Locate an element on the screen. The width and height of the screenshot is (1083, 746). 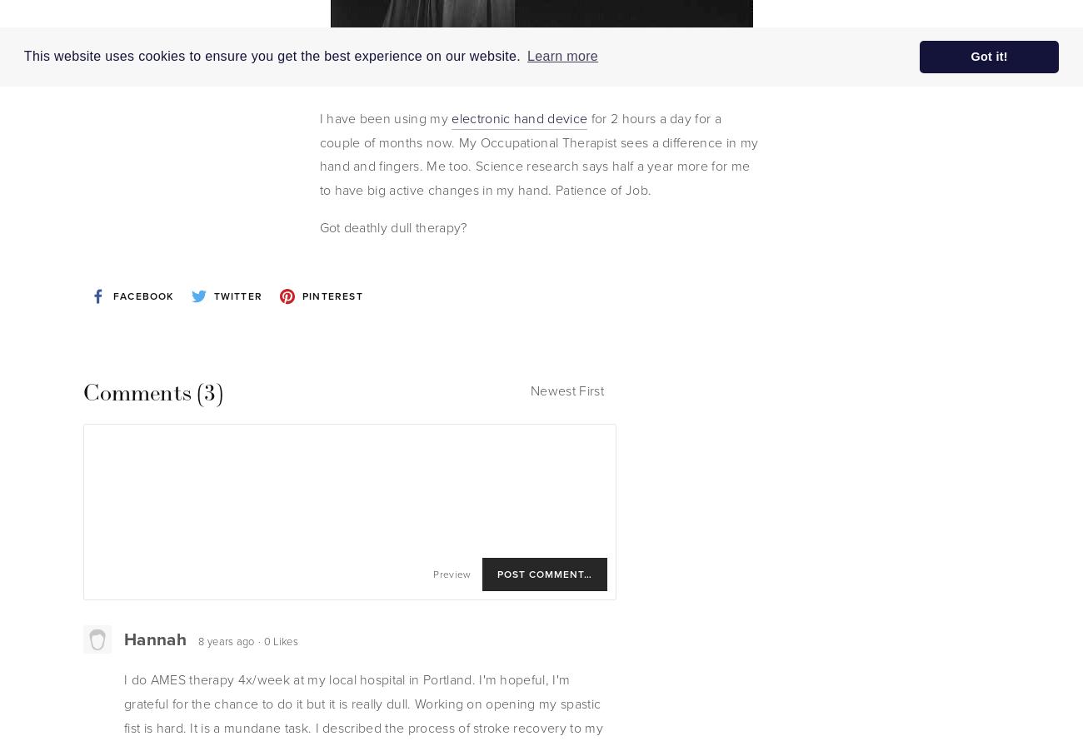
'electronic hand device' is located at coordinates (519, 117).